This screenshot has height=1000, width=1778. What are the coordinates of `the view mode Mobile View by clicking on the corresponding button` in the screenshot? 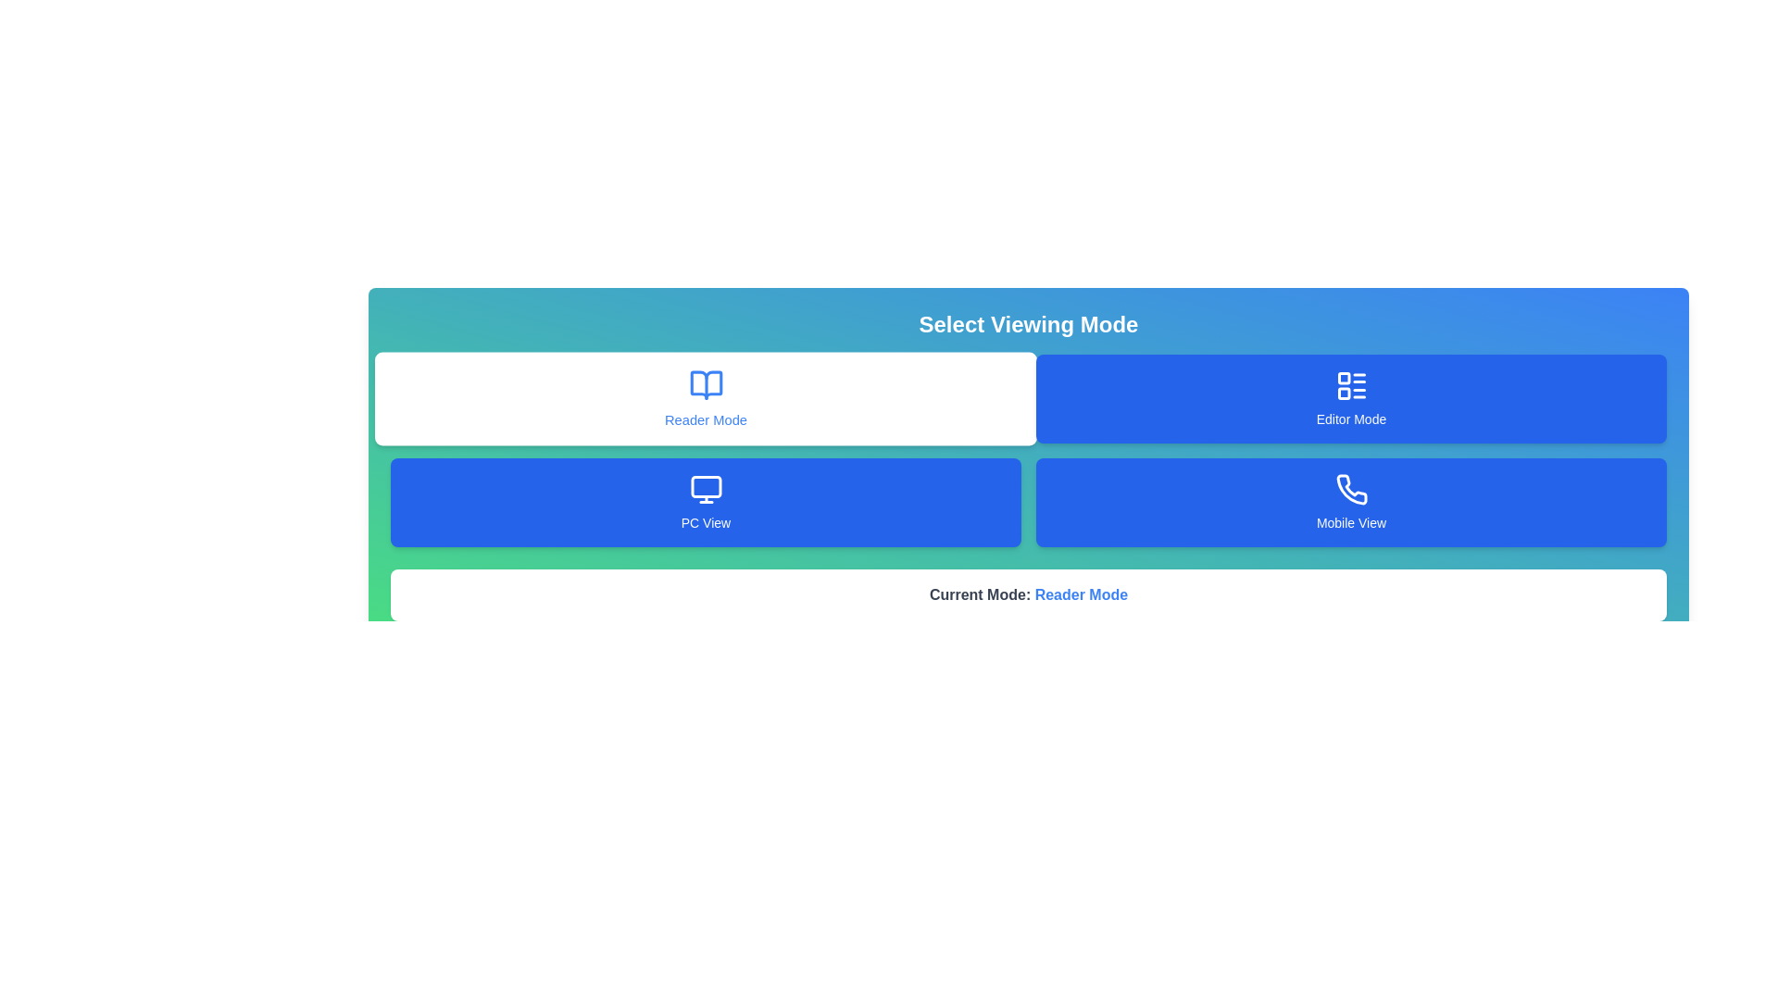 It's located at (1351, 503).